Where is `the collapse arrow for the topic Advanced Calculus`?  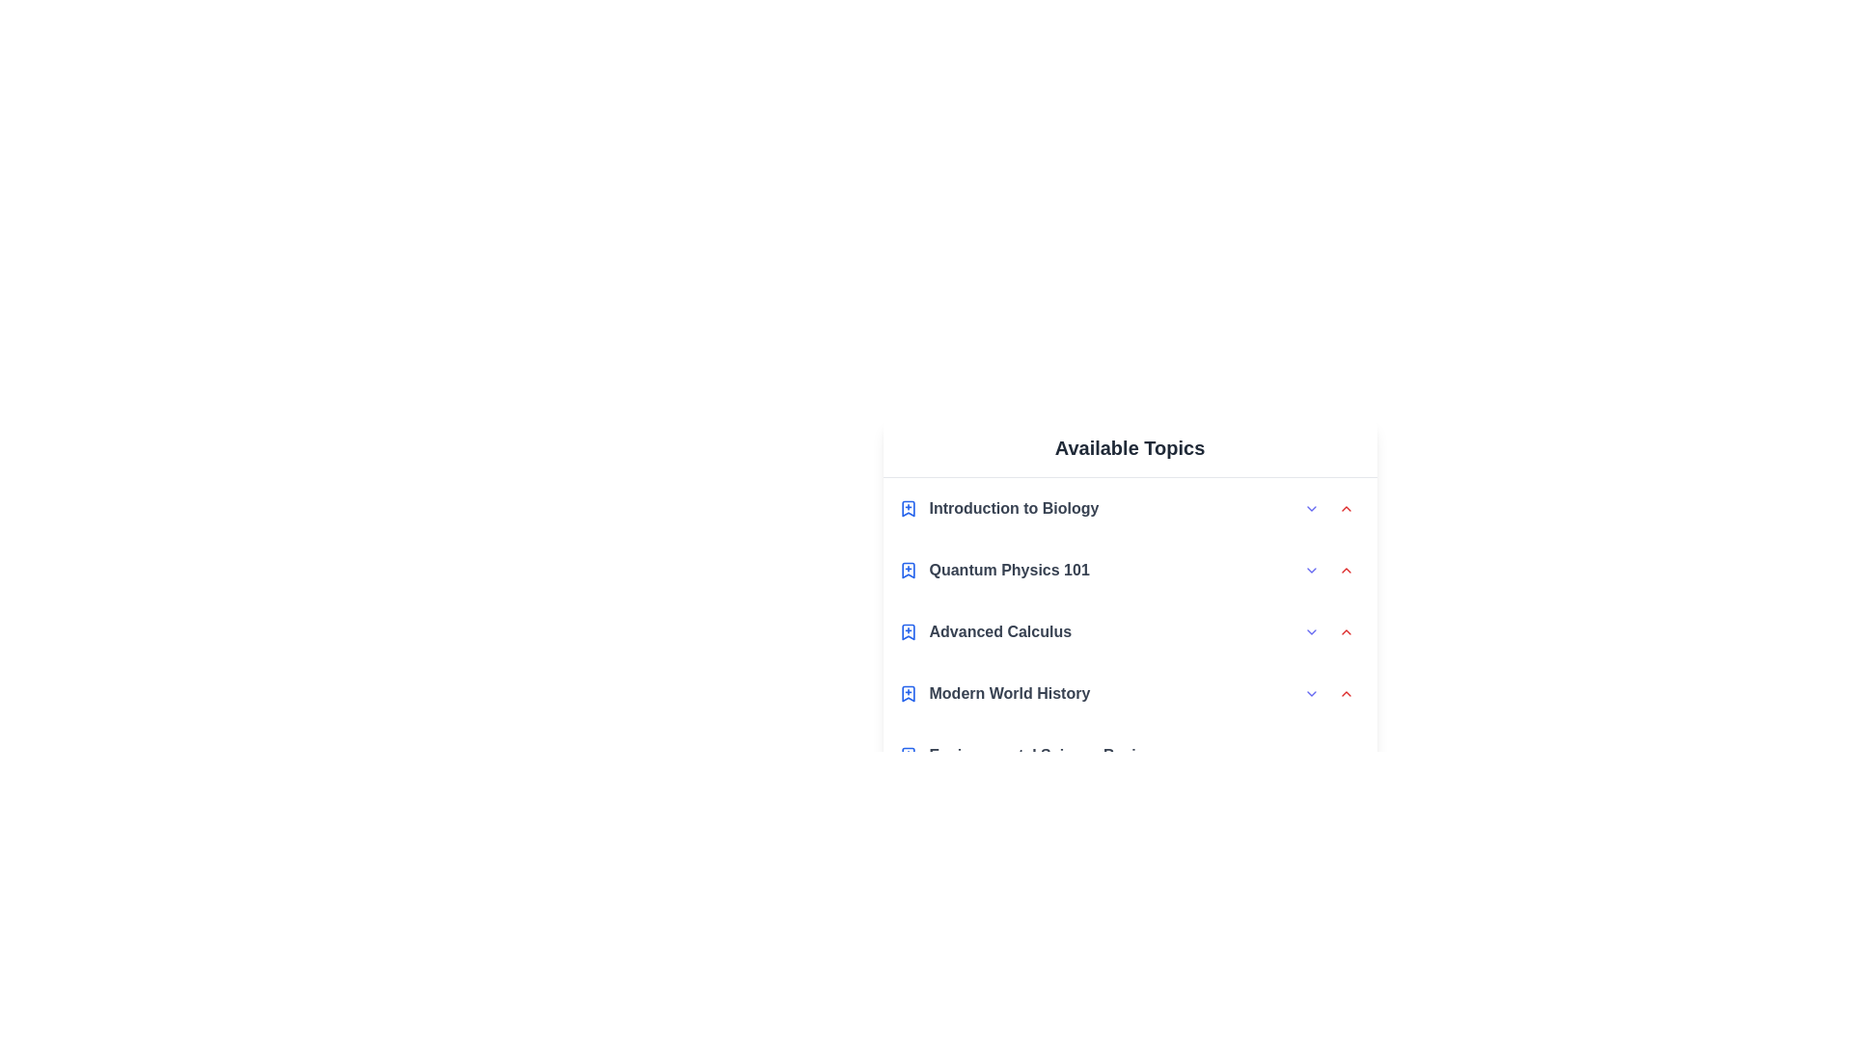 the collapse arrow for the topic Advanced Calculus is located at coordinates (1345, 631).